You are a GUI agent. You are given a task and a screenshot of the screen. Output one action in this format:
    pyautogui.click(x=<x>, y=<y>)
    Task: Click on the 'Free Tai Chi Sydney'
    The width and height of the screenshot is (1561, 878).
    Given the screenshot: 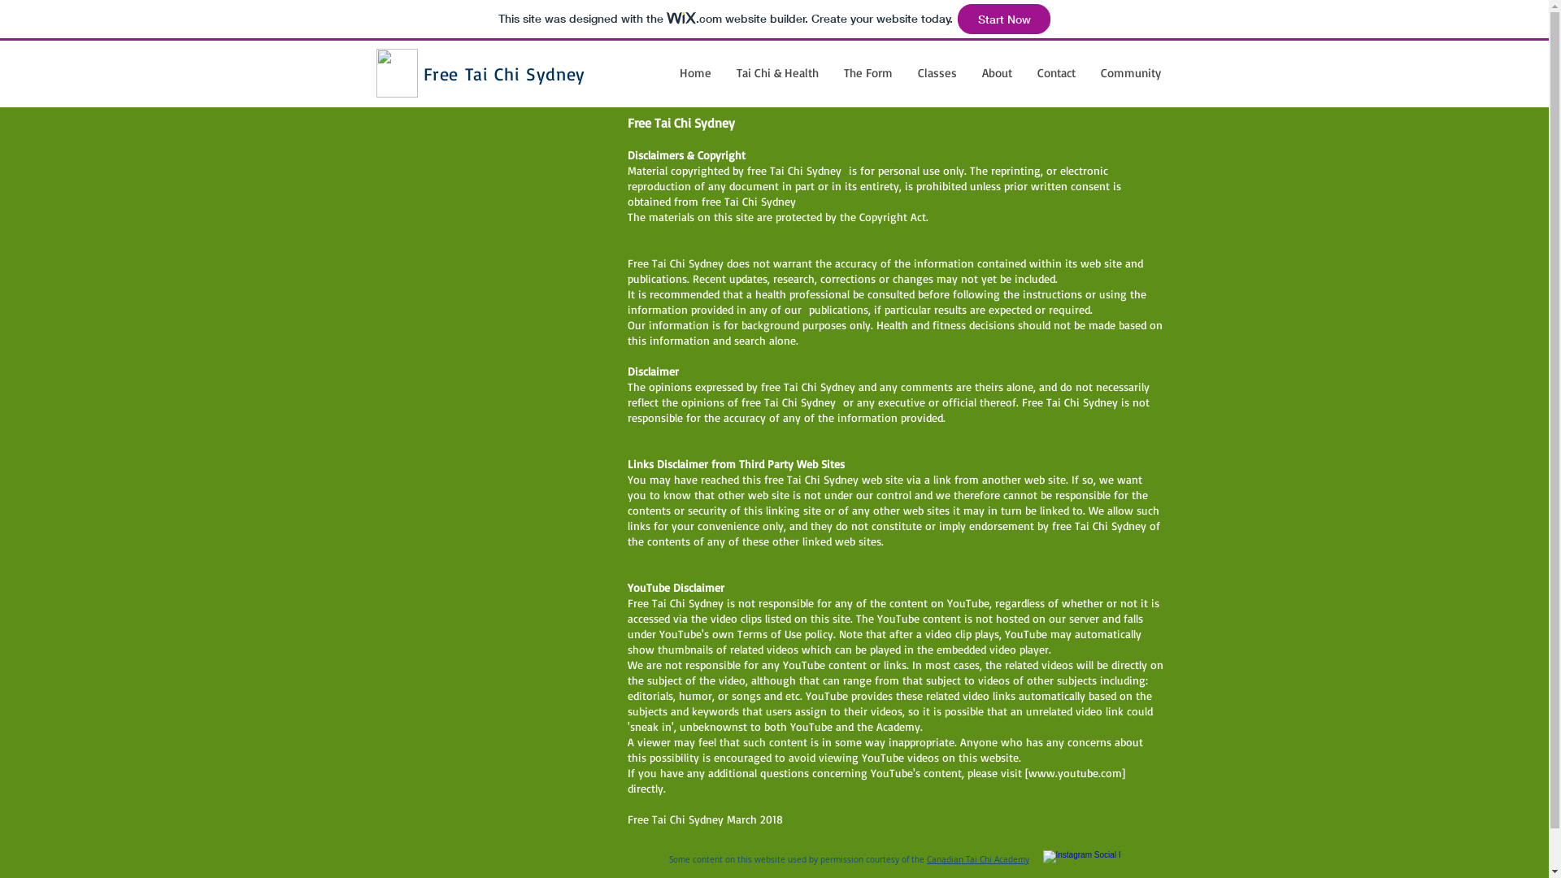 What is the action you would take?
    pyautogui.click(x=502, y=73)
    